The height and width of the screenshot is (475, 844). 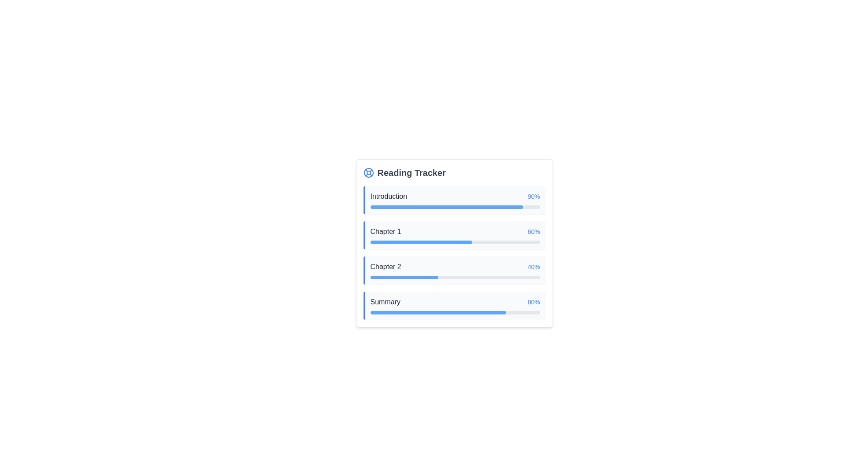 What do you see at coordinates (368, 173) in the screenshot?
I see `the circular SVG element styled as part of the life buoy icon, located at the center of the icon next to the 'Reading Tracker' title` at bounding box center [368, 173].